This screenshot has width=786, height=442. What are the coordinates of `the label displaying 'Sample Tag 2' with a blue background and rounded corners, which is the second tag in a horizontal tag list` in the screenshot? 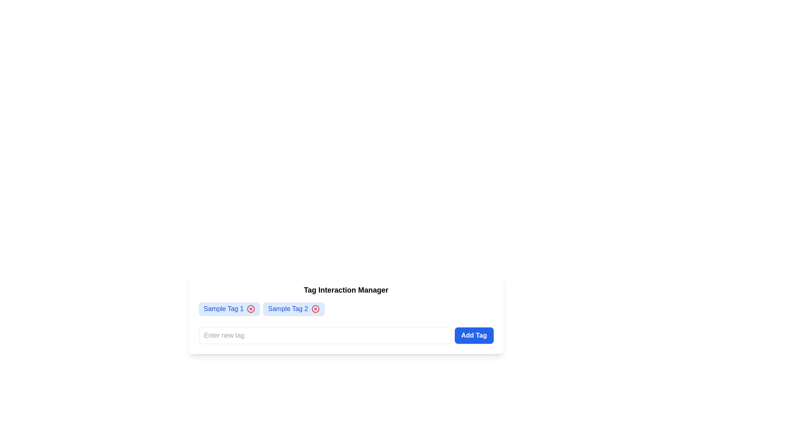 It's located at (288, 309).